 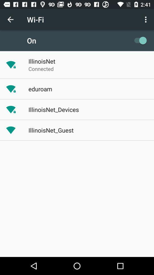 I want to click on connected, so click(x=41, y=69).